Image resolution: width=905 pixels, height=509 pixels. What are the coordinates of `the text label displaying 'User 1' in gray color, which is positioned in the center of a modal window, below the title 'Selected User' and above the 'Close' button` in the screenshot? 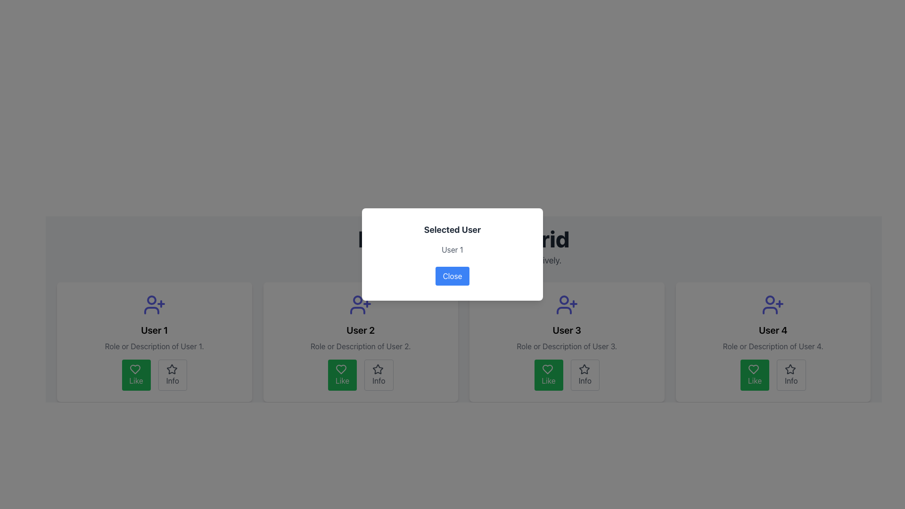 It's located at (452, 249).